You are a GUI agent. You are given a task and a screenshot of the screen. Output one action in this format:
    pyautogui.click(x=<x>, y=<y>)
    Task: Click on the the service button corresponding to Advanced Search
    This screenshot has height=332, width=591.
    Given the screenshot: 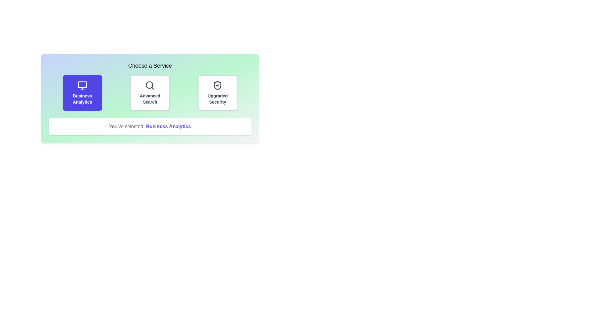 What is the action you would take?
    pyautogui.click(x=150, y=93)
    